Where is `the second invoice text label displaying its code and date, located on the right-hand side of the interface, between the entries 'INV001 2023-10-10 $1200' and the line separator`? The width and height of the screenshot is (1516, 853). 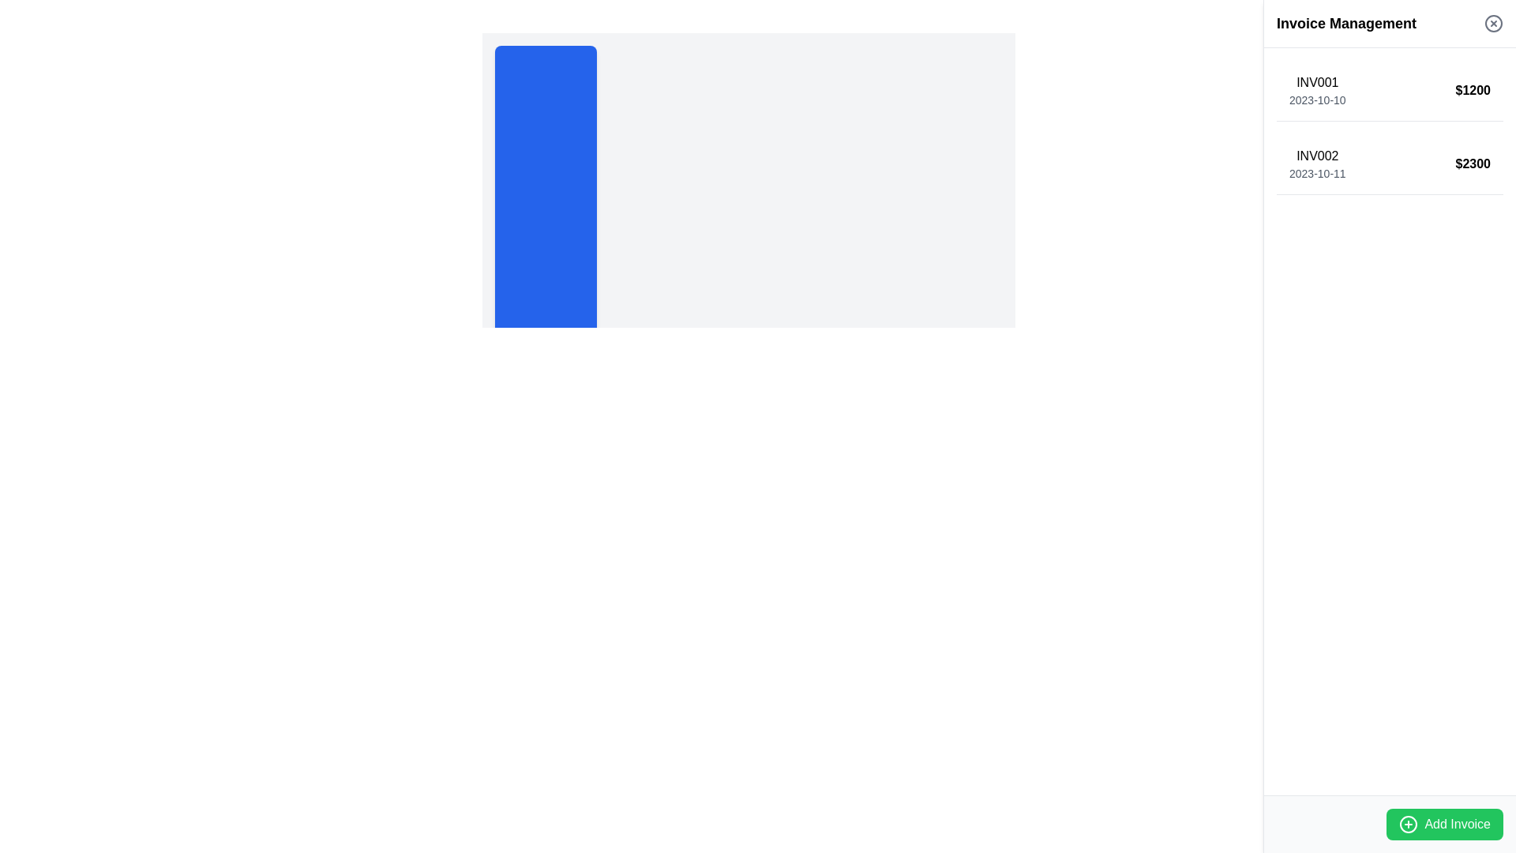
the second invoice text label displaying its code and date, located on the right-hand side of the interface, between the entries 'INV001 2023-10-10 $1200' and the line separator is located at coordinates (1317, 164).